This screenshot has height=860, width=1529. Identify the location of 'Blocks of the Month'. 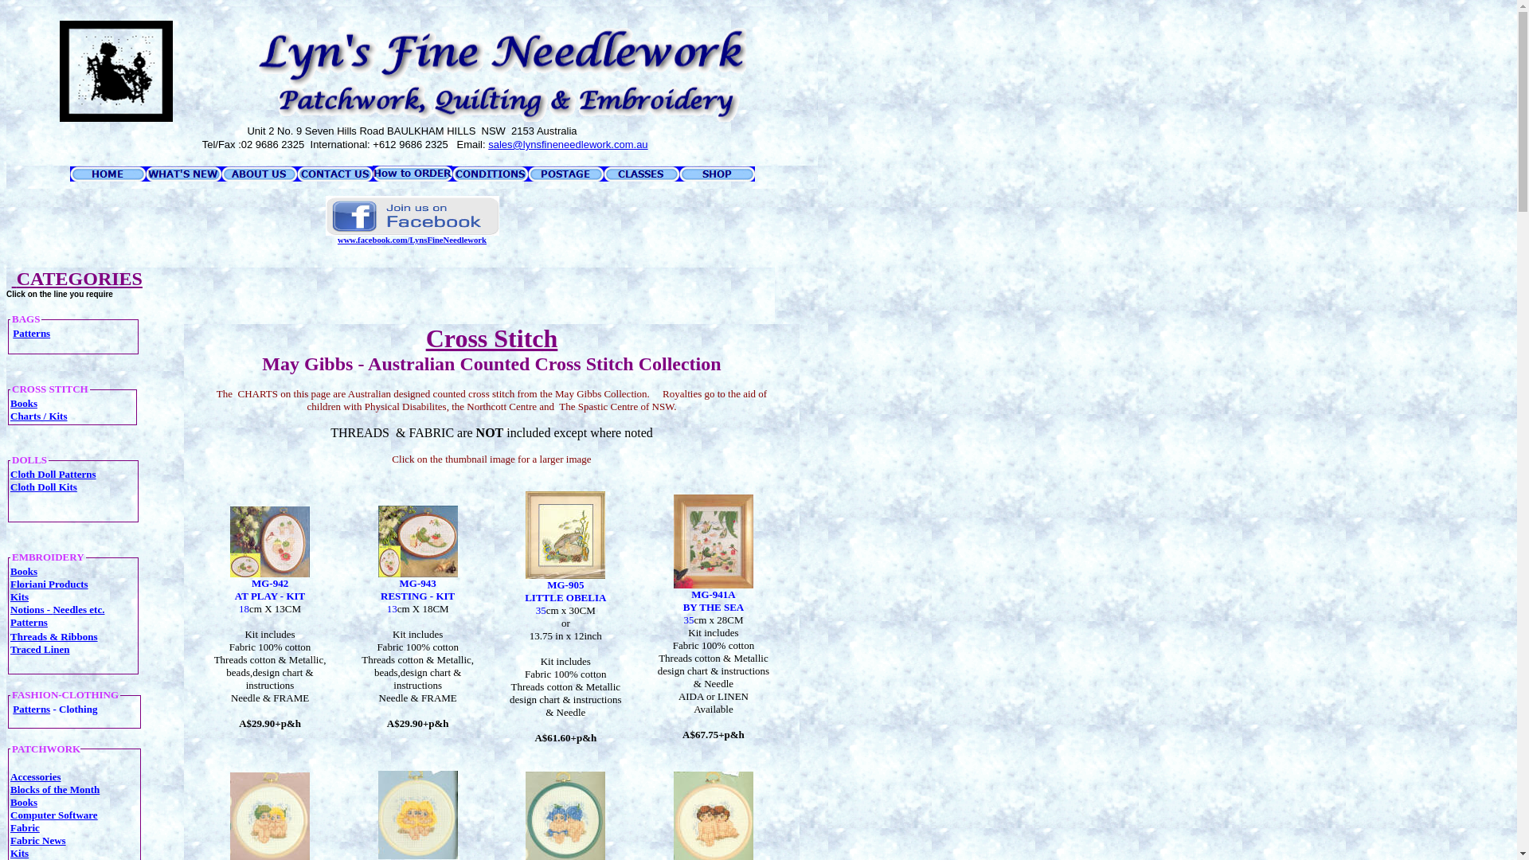
(54, 789).